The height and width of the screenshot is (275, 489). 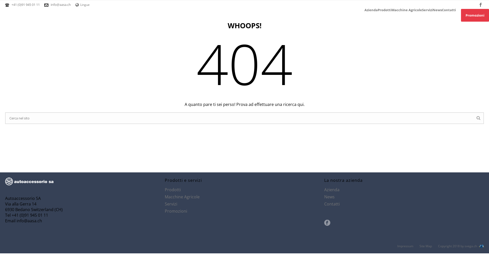 I want to click on 'info@aasa.ch', so click(x=61, y=5).